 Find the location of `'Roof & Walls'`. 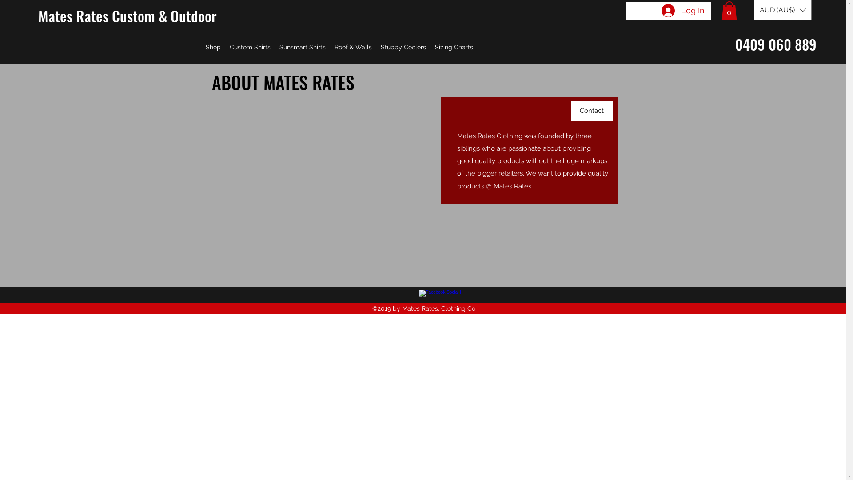

'Roof & Walls' is located at coordinates (353, 47).